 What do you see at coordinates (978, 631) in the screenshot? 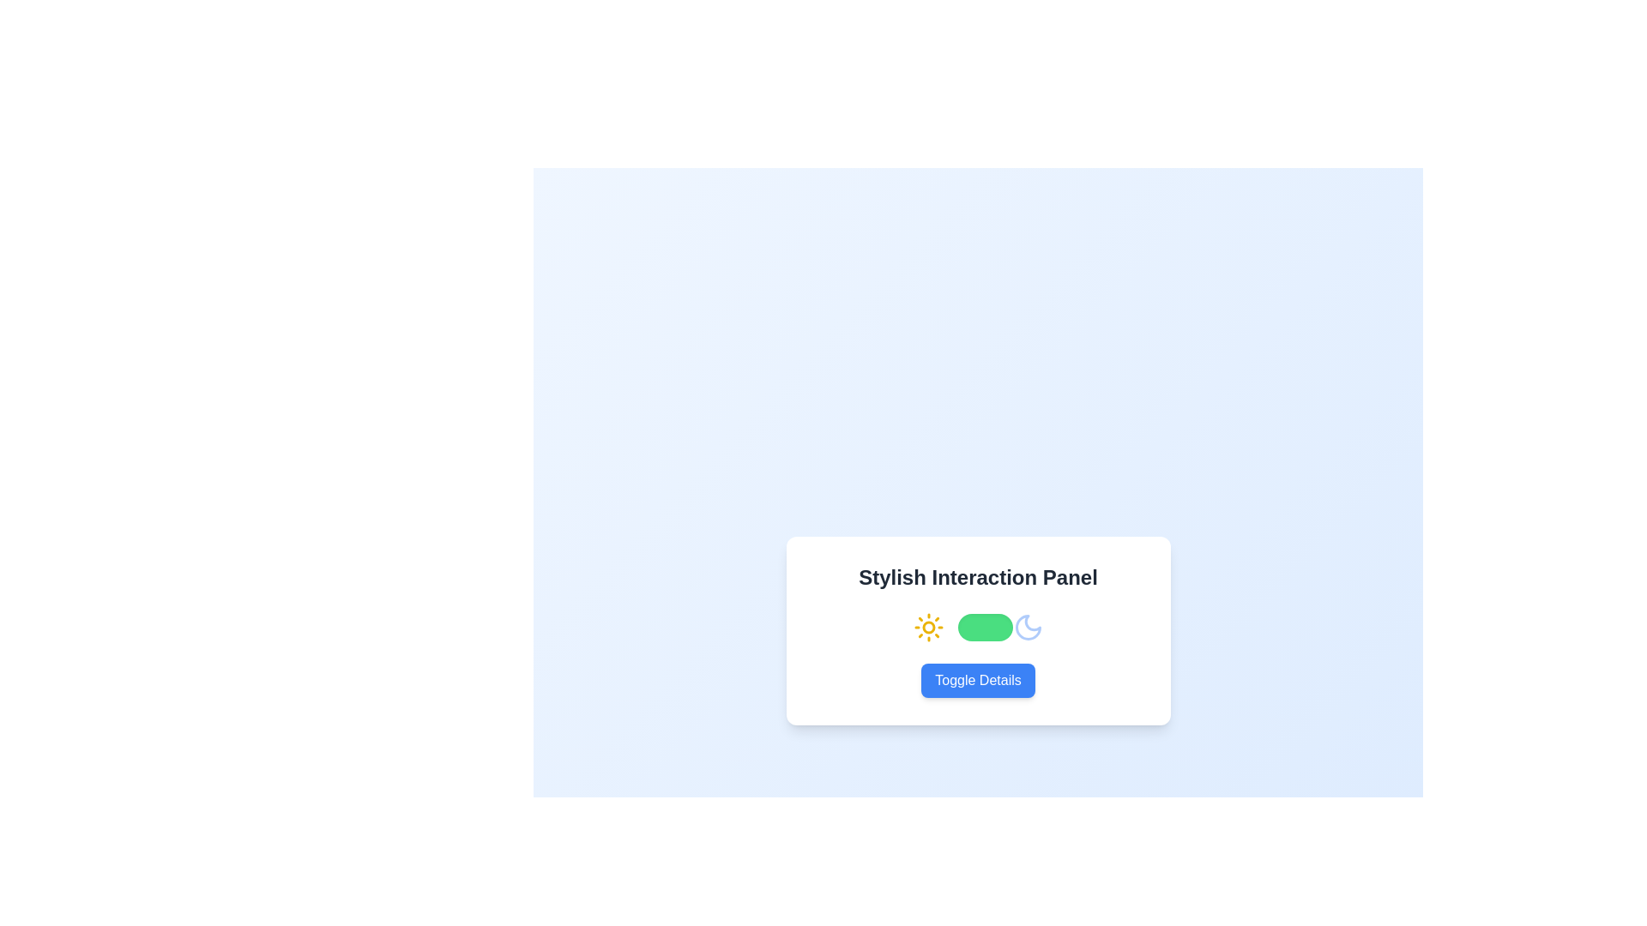
I see `the handle of the toggle switch located in the Stylish Interaction Panel` at bounding box center [978, 631].